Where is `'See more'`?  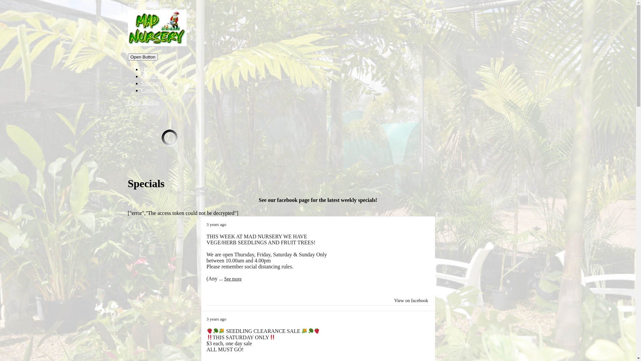 'See more' is located at coordinates (224, 279).